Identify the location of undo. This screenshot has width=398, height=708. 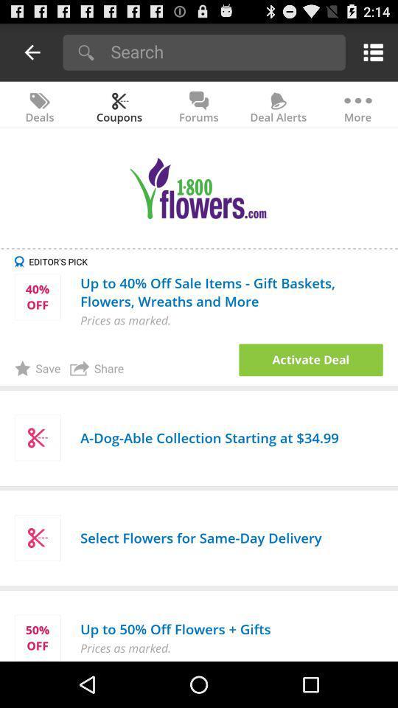
(32, 52).